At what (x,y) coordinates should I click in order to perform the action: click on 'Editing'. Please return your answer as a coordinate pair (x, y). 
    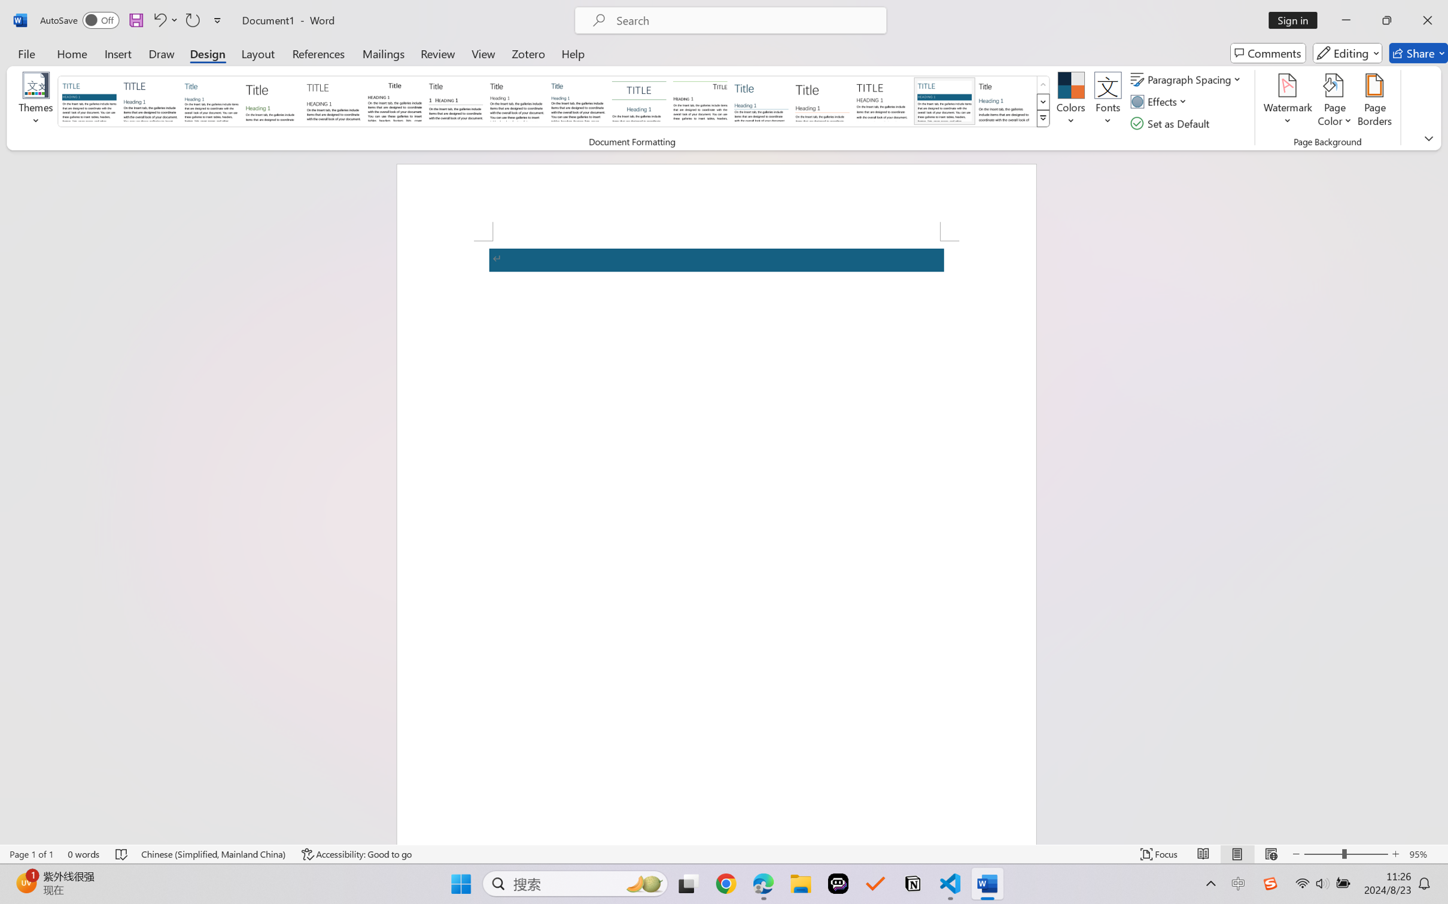
    Looking at the image, I should click on (1348, 53).